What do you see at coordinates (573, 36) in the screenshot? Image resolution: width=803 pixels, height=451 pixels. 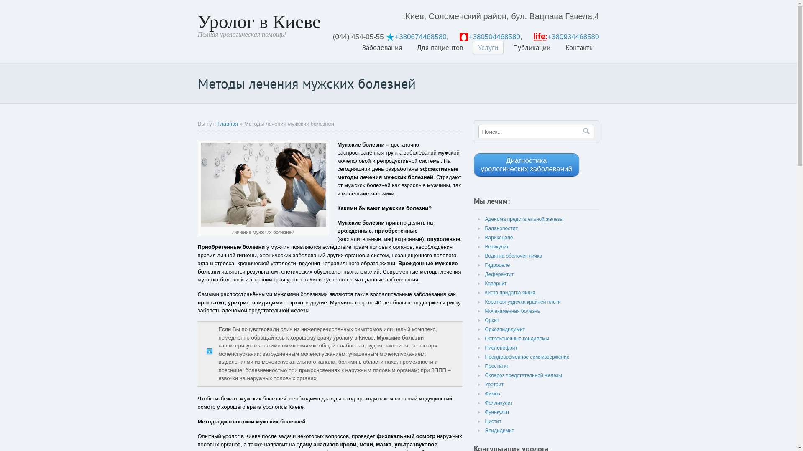 I see `'+380934468580'` at bounding box center [573, 36].